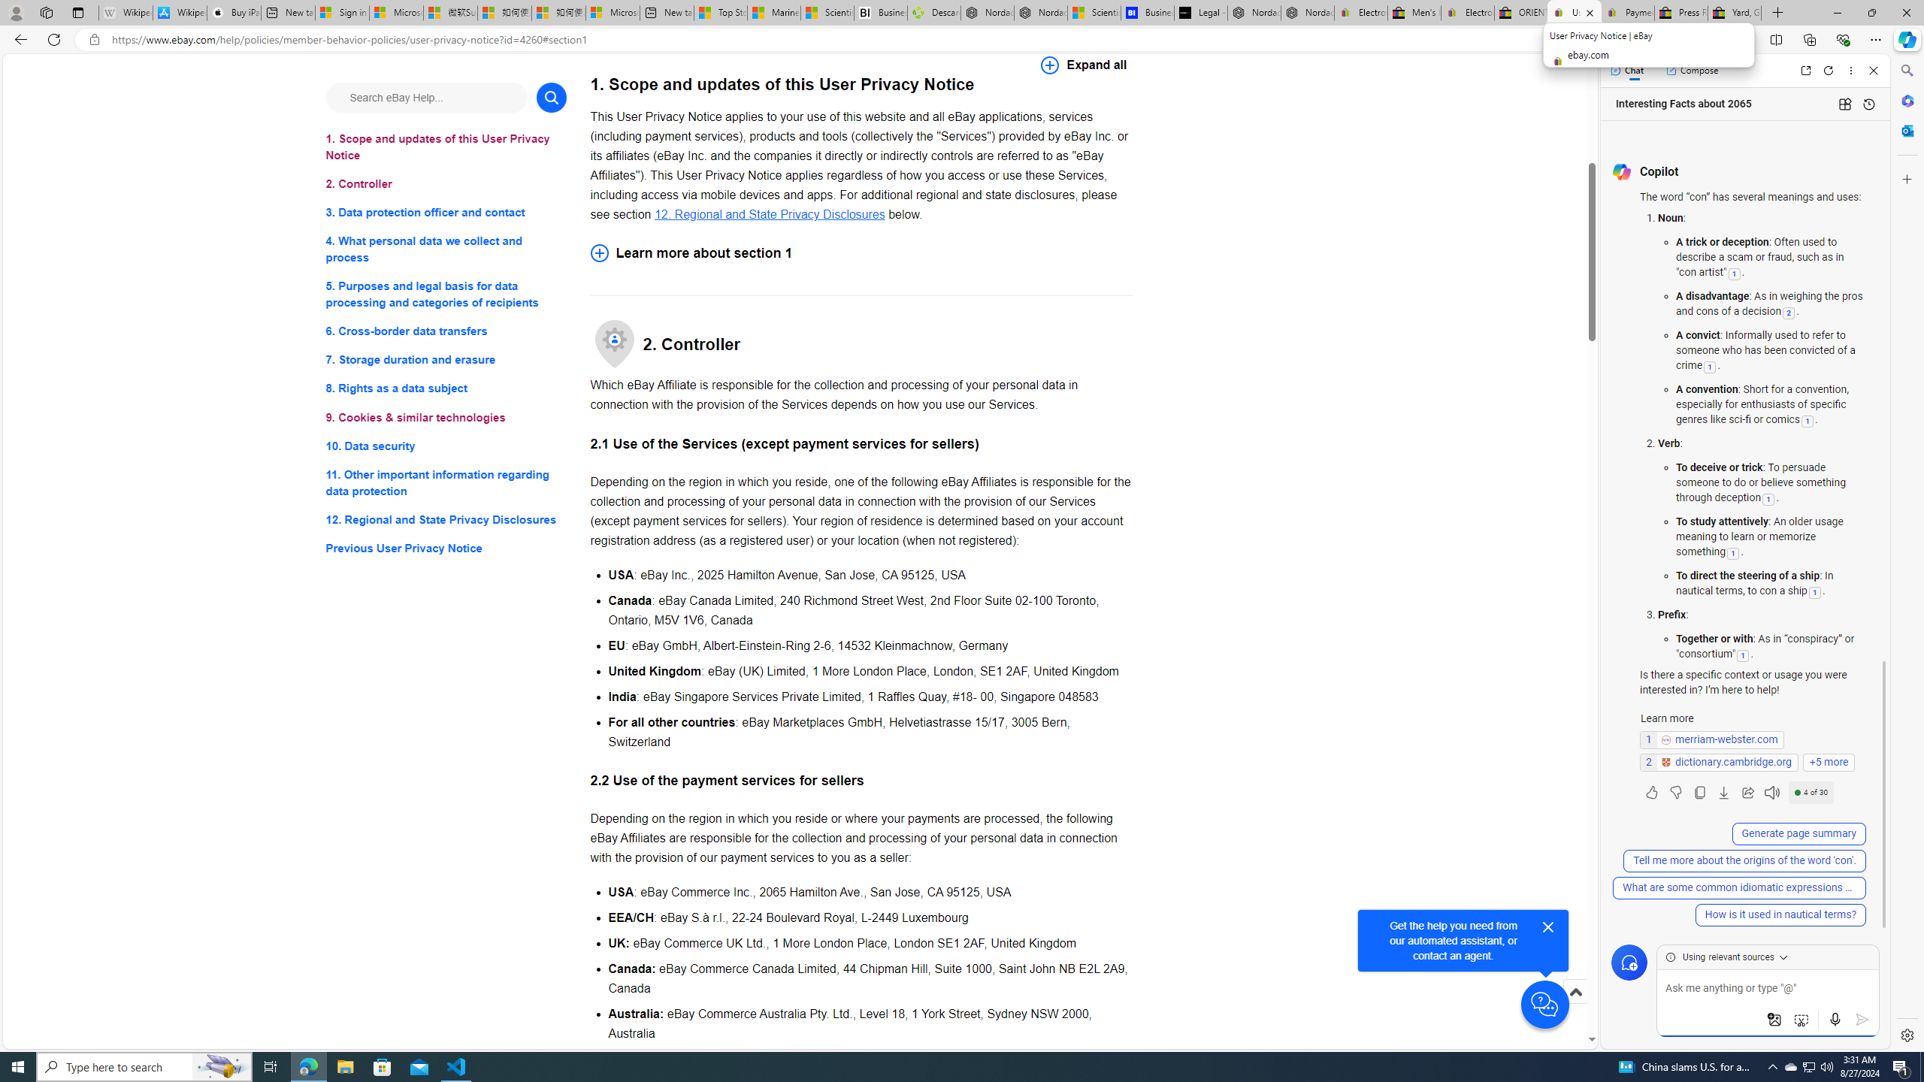  Describe the element at coordinates (1575, 12) in the screenshot. I see `'User Privacy Notice | eBay'` at that location.